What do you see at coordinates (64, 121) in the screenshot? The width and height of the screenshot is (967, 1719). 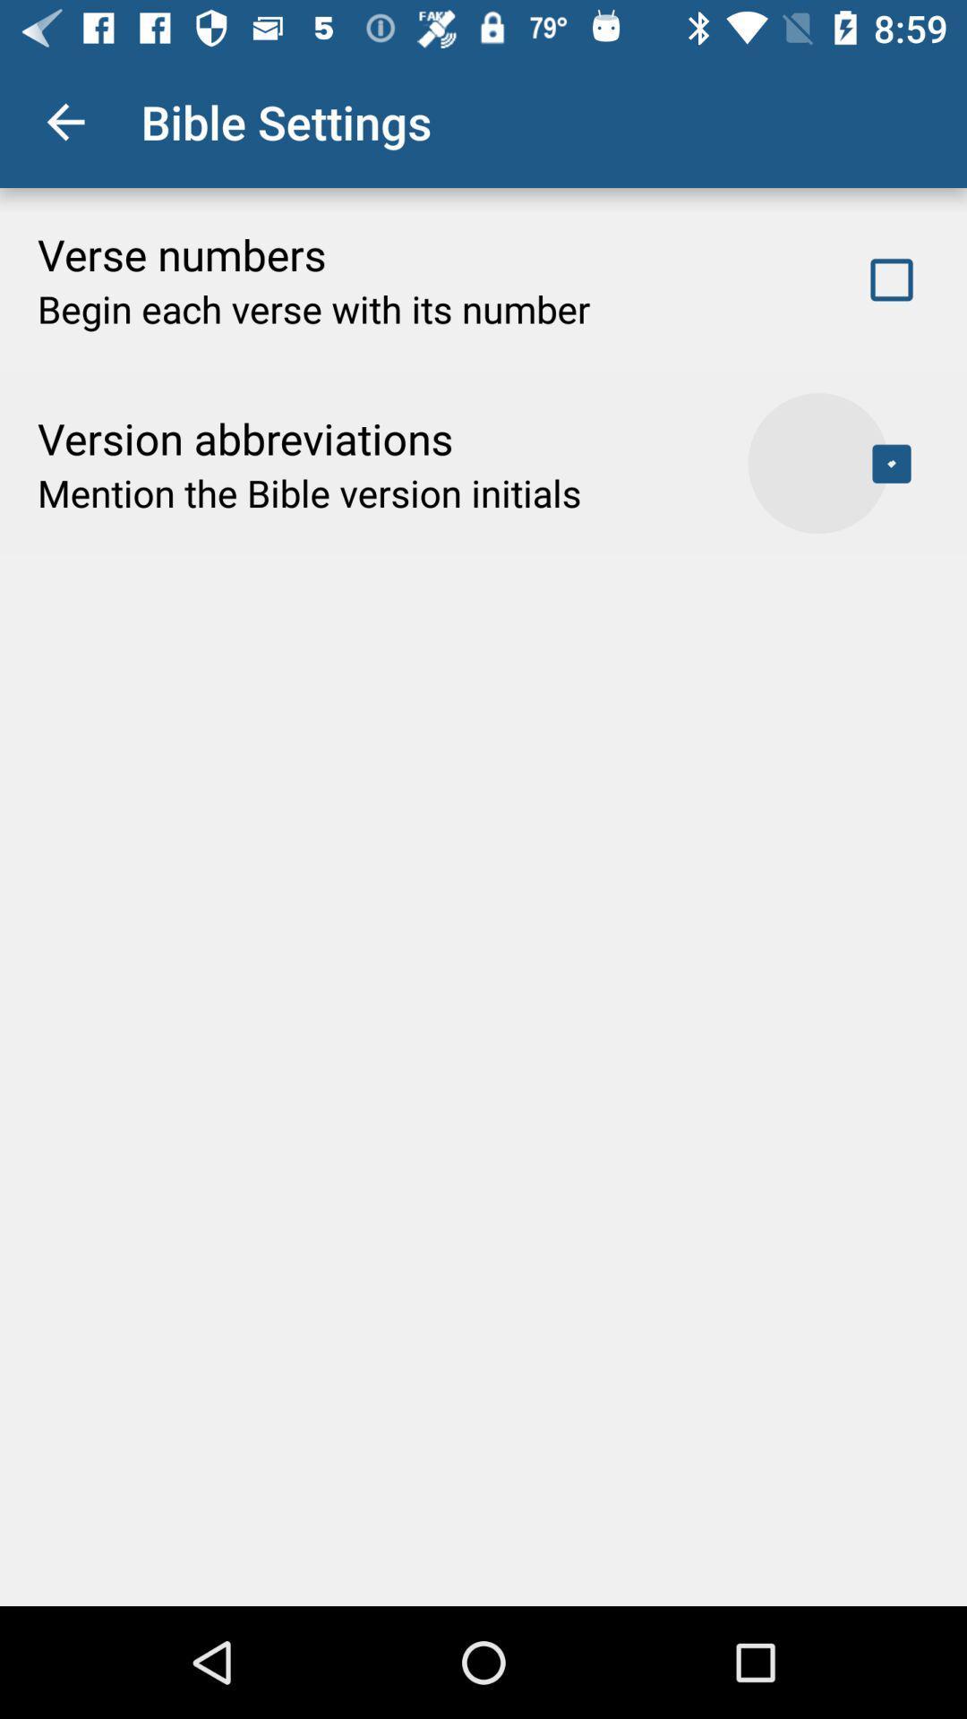 I see `icon to the left of bible settings` at bounding box center [64, 121].